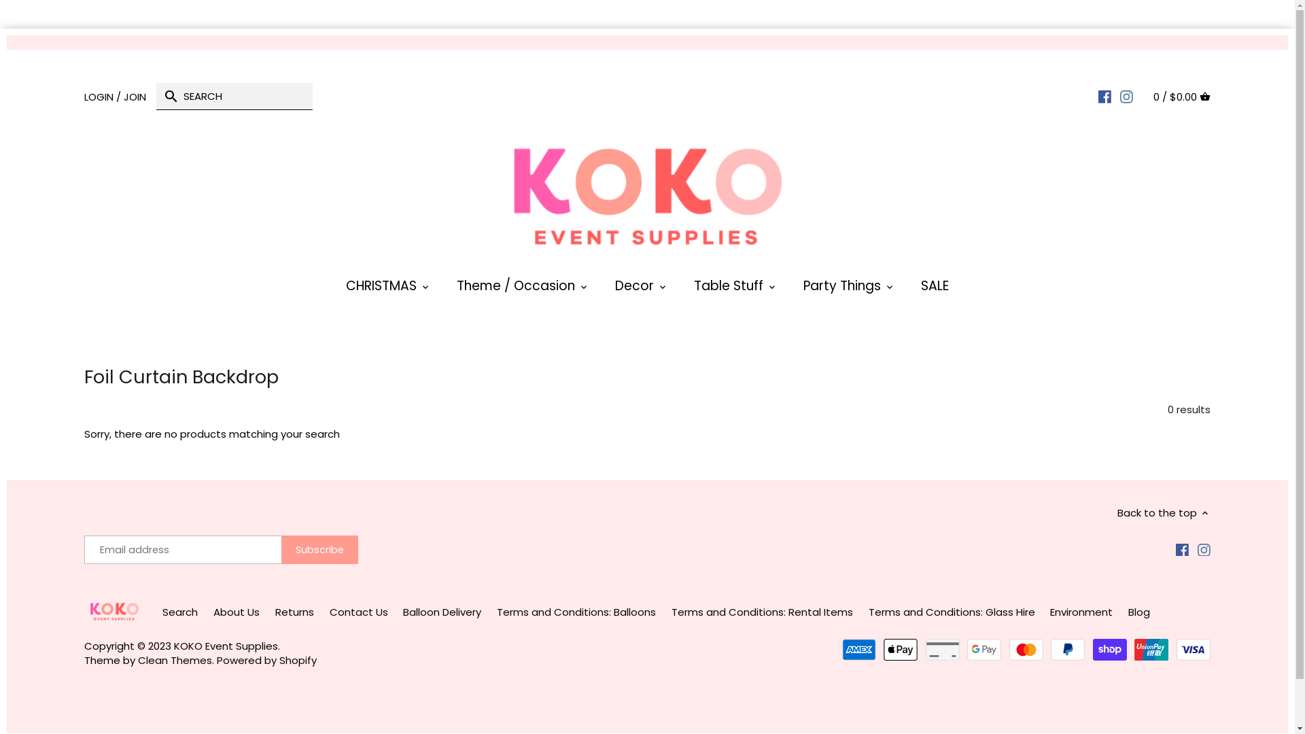  Describe the element at coordinates (951, 612) in the screenshot. I see `'Terms and Conditions: Glass Hire'` at that location.